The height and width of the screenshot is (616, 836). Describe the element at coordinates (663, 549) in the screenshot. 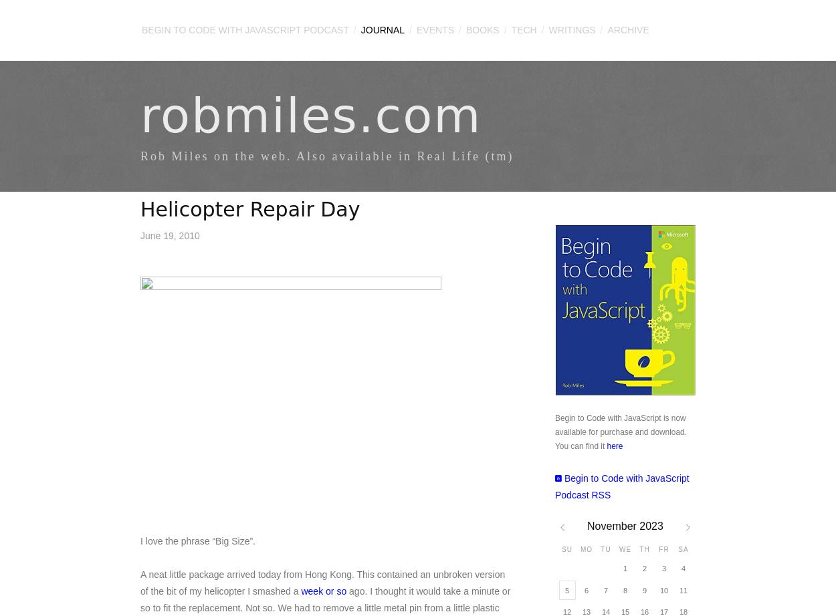

I see `'Fr'` at that location.